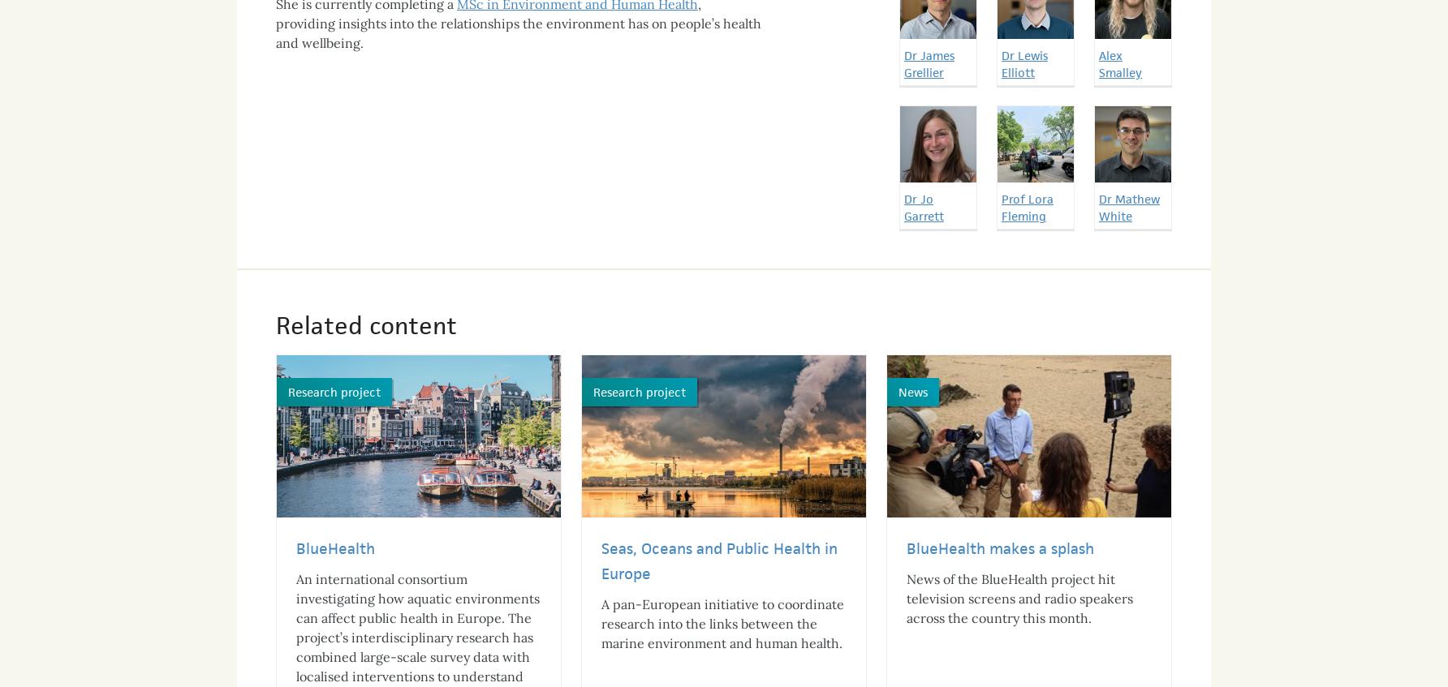 The height and width of the screenshot is (687, 1448). What do you see at coordinates (1129, 193) in the screenshot?
I see `'Dr Mathew White'` at bounding box center [1129, 193].